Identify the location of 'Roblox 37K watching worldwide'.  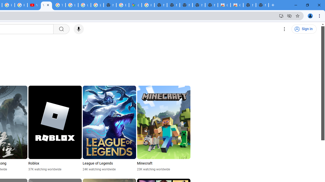
(55, 128).